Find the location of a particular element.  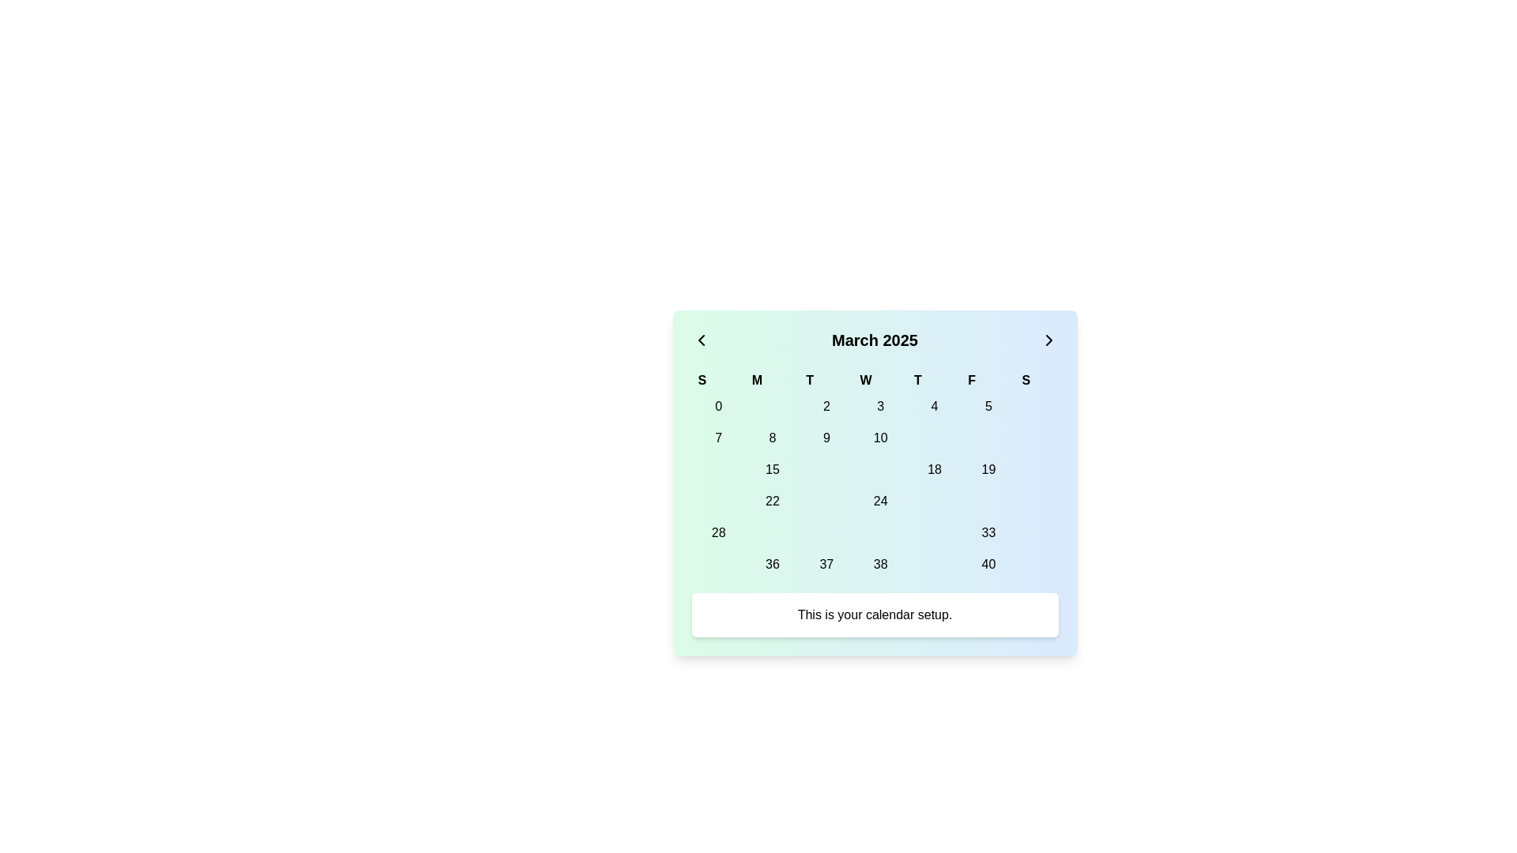

the grid cell displaying the number '24' in the March 2025 calendar is located at coordinates (874, 484).